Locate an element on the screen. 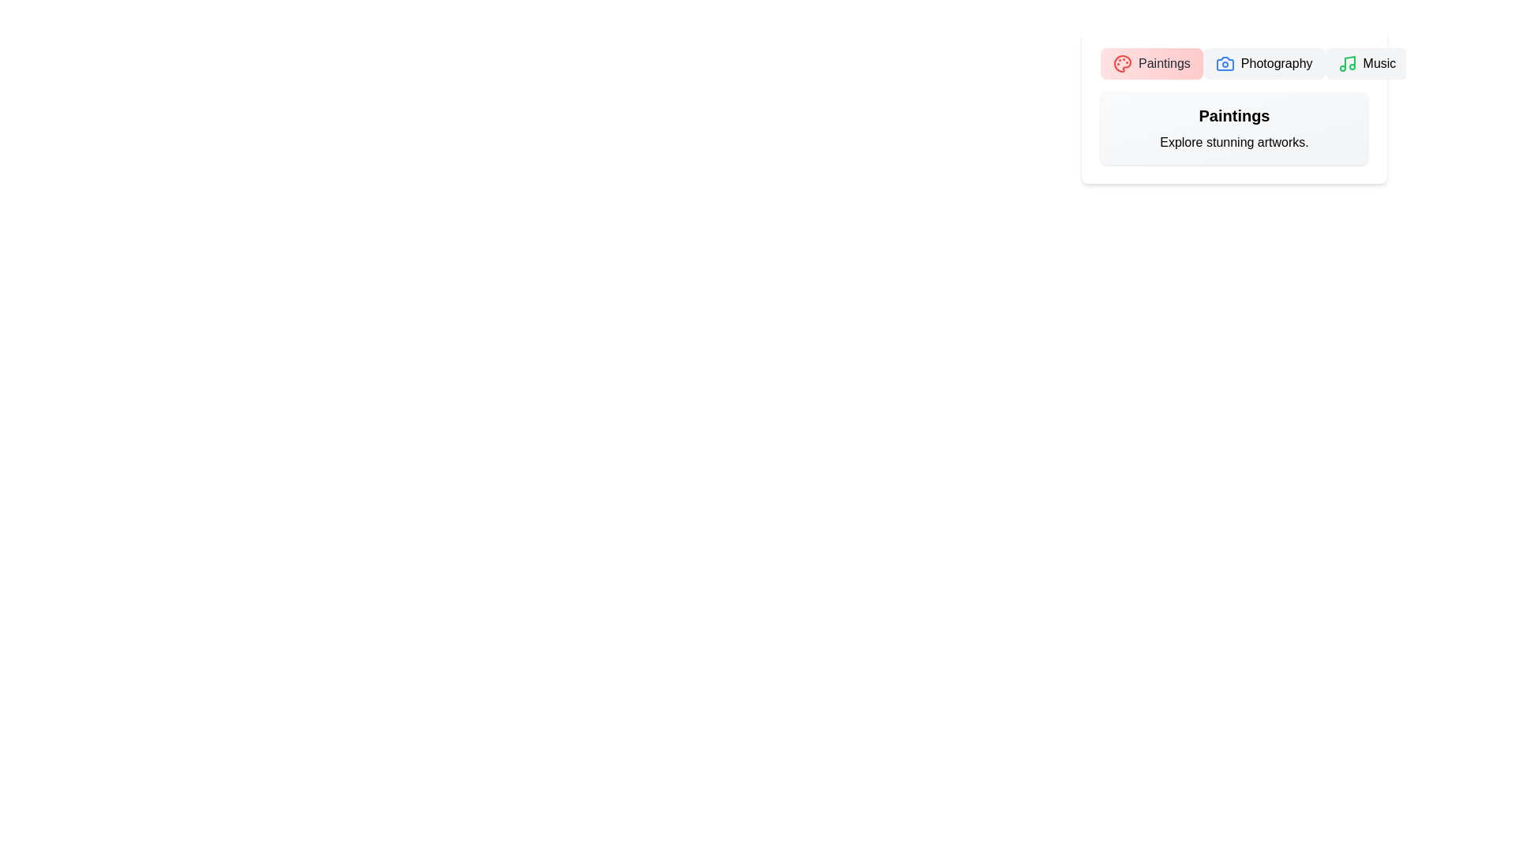 The width and height of the screenshot is (1515, 852). the tab labeled Photography to view its content is located at coordinates (1264, 63).